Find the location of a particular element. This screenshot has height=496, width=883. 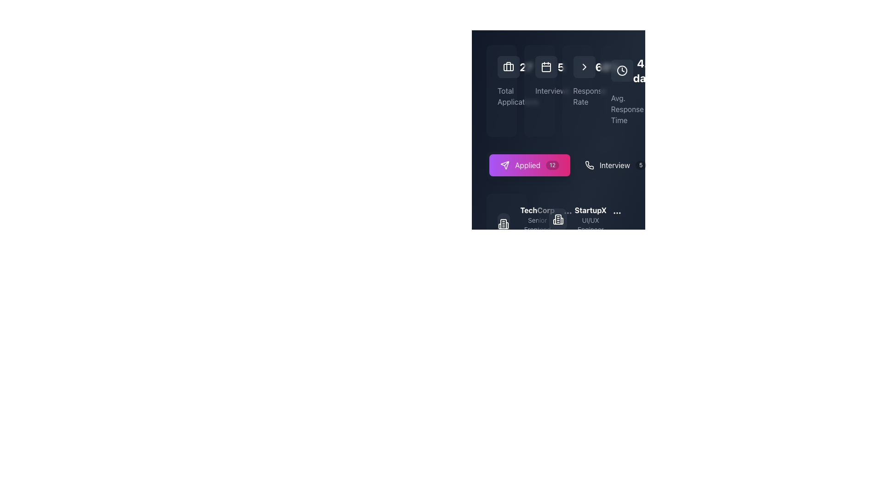

the 'Applied' button label, which is a text element displayed in bold white font against a vibrant gradient button background is located at coordinates (528, 164).